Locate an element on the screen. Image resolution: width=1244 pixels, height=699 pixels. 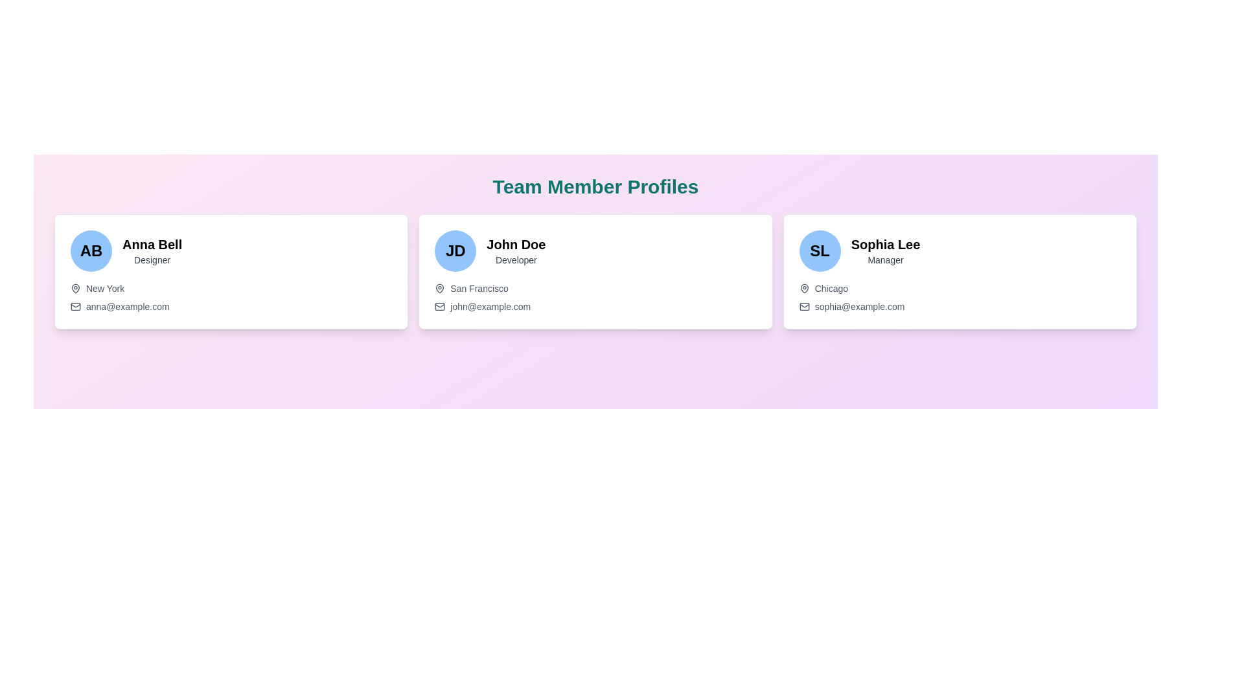
the text element displaying the name 'Anna Bell', which is located below the profile icon 'AB' and above the text 'Designer' in the leftmost card of the team member profiles is located at coordinates (152, 245).